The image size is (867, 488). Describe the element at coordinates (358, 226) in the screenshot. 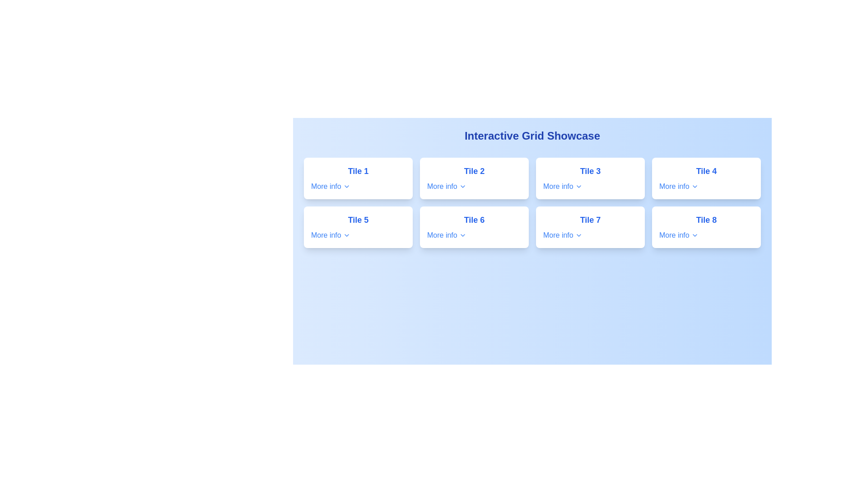

I see `the navigational tile in the second row, first column to trigger a visual effect` at that location.